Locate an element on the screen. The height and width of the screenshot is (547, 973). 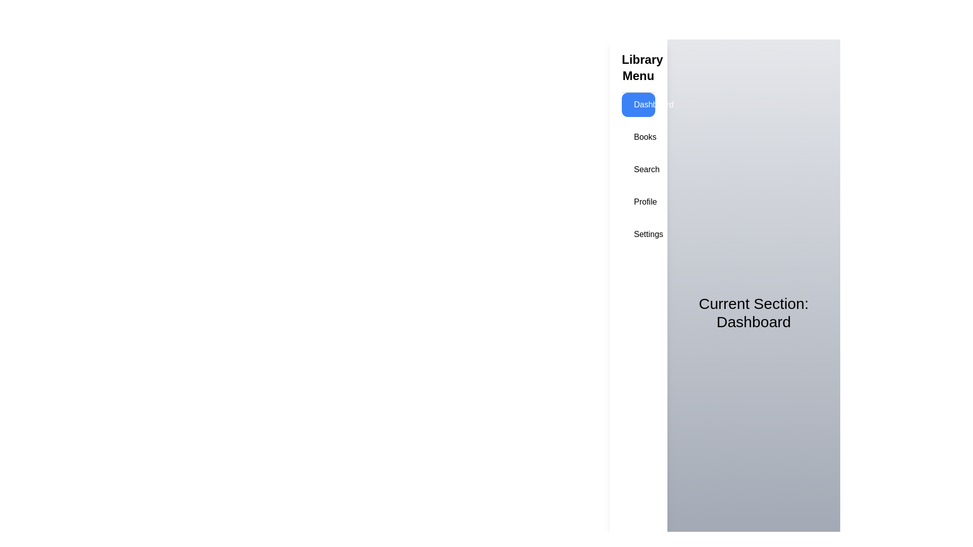
the menu item corresponding to Search to navigate to that section is located at coordinates (638, 169).